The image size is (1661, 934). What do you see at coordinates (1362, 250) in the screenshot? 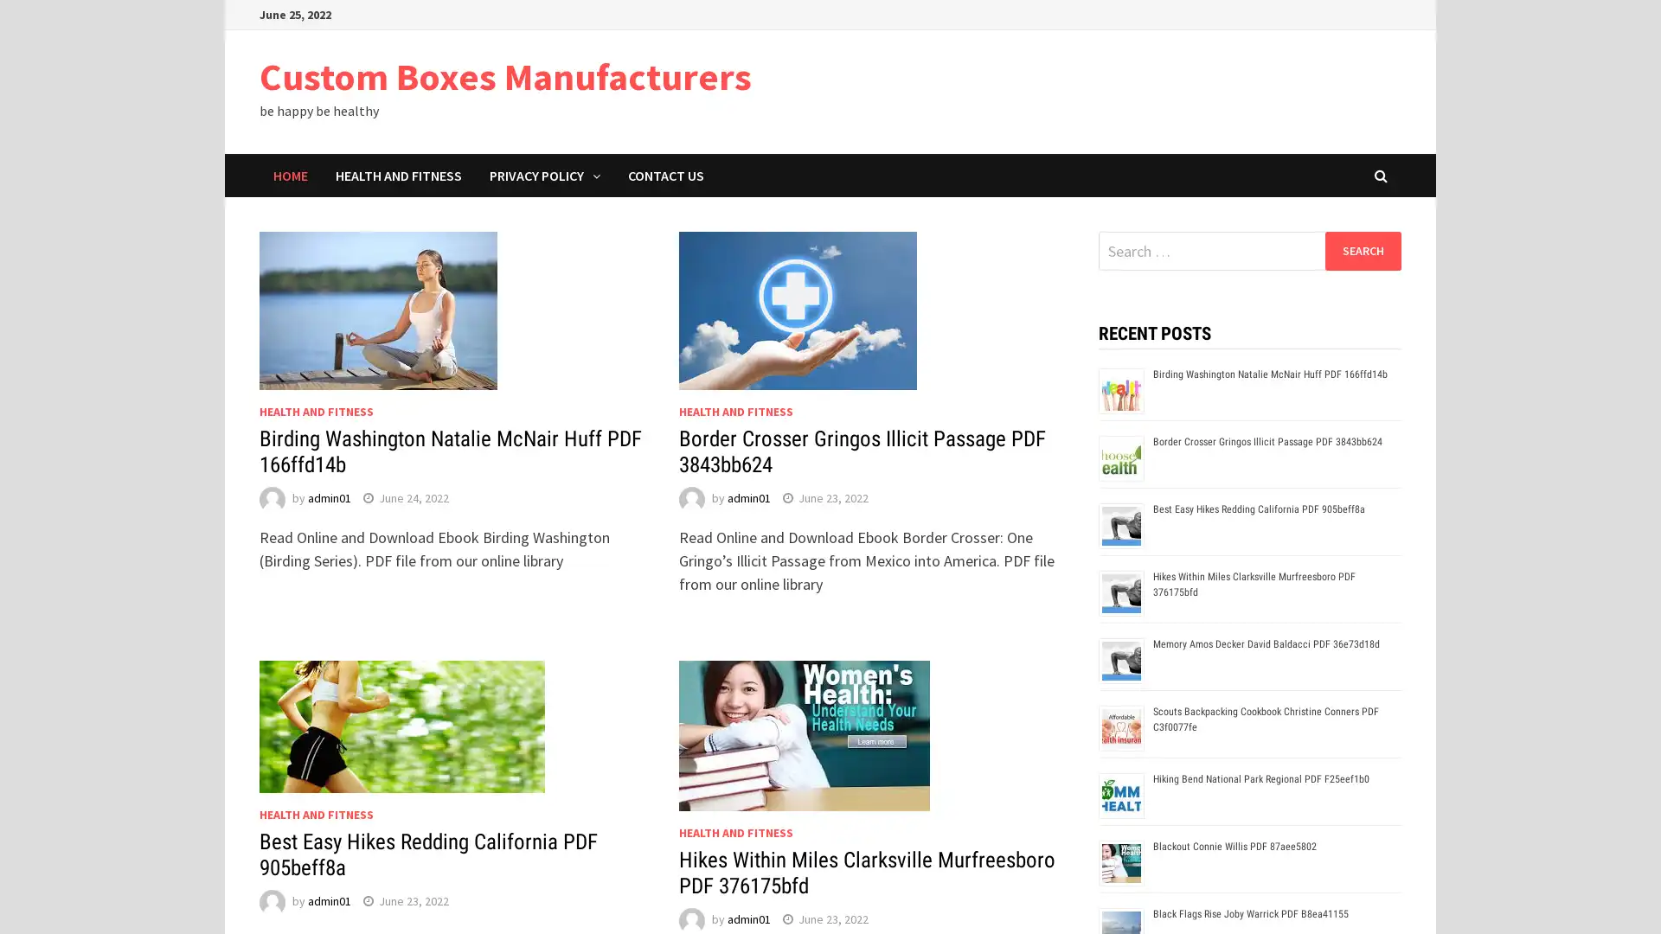
I see `Search` at bounding box center [1362, 250].